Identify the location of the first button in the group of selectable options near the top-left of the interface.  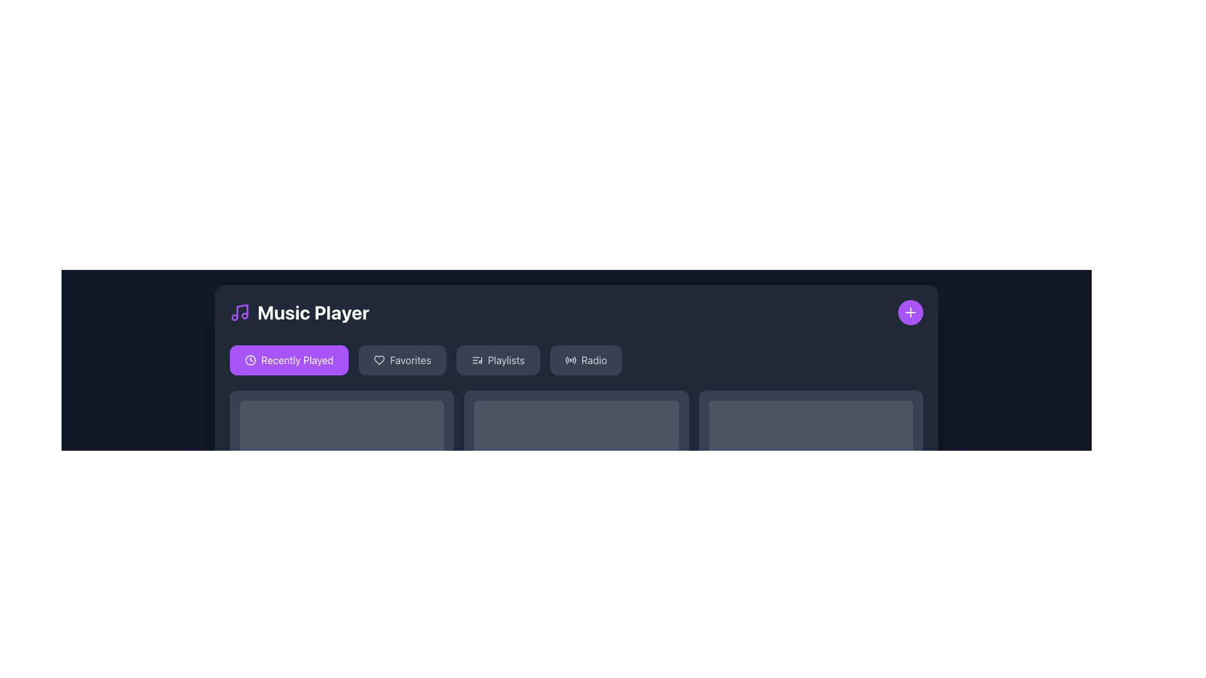
(288, 360).